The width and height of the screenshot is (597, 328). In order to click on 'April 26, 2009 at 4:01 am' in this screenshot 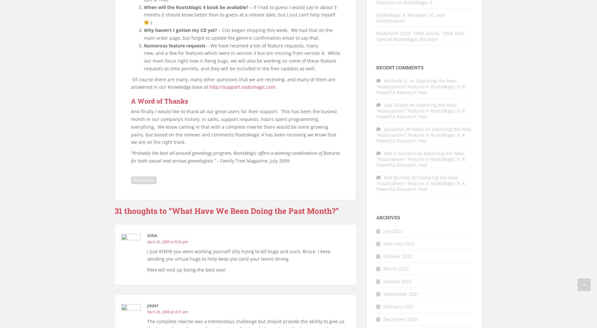, I will do `click(167, 312)`.